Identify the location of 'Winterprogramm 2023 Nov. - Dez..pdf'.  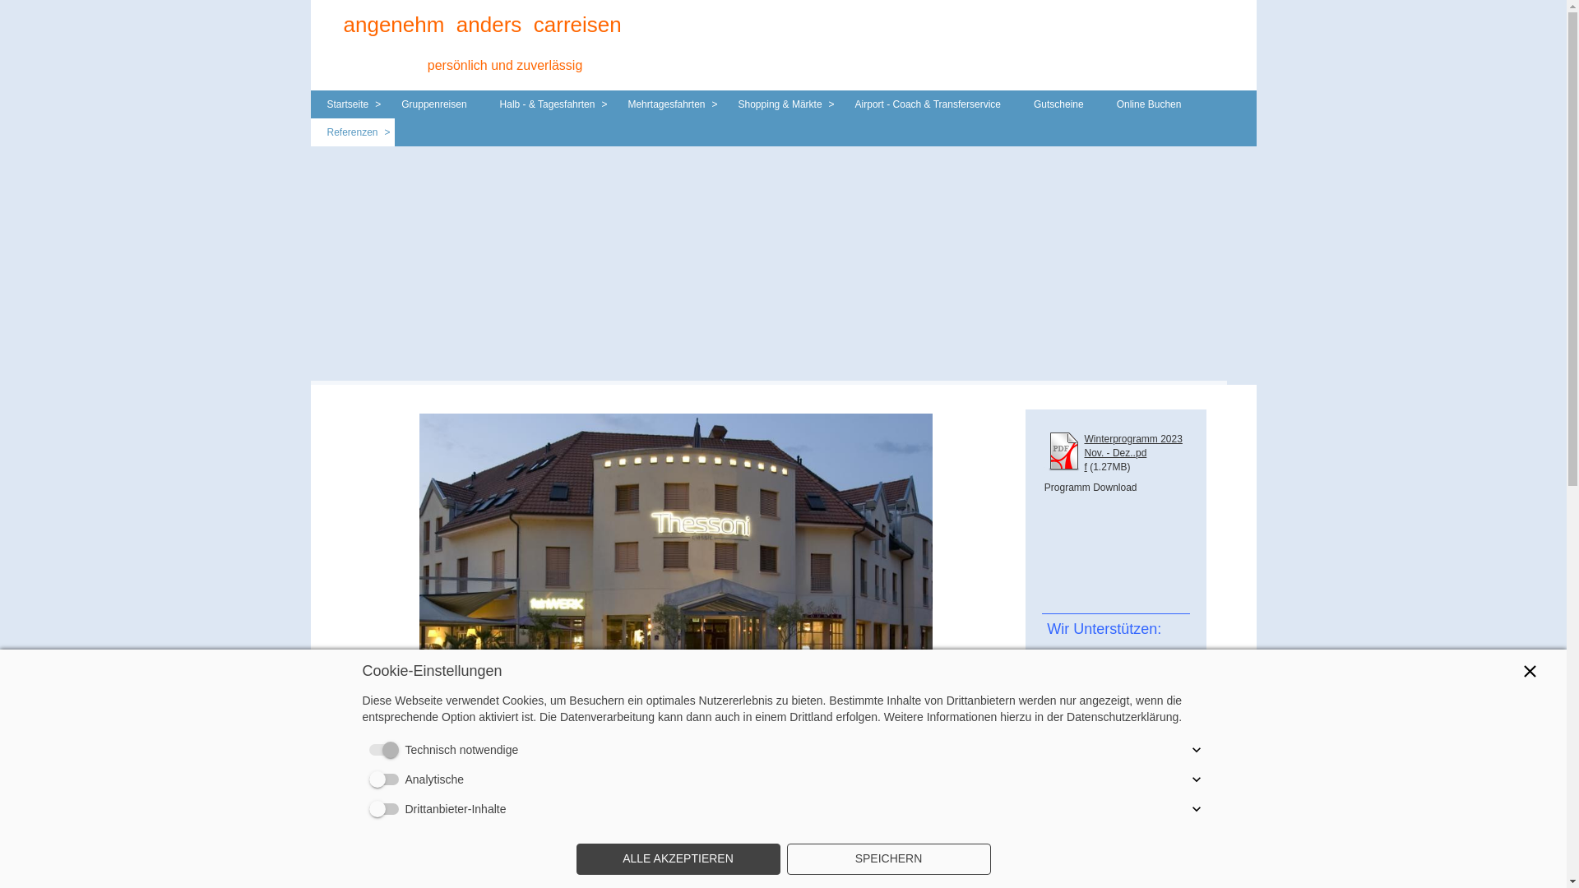
(1132, 453).